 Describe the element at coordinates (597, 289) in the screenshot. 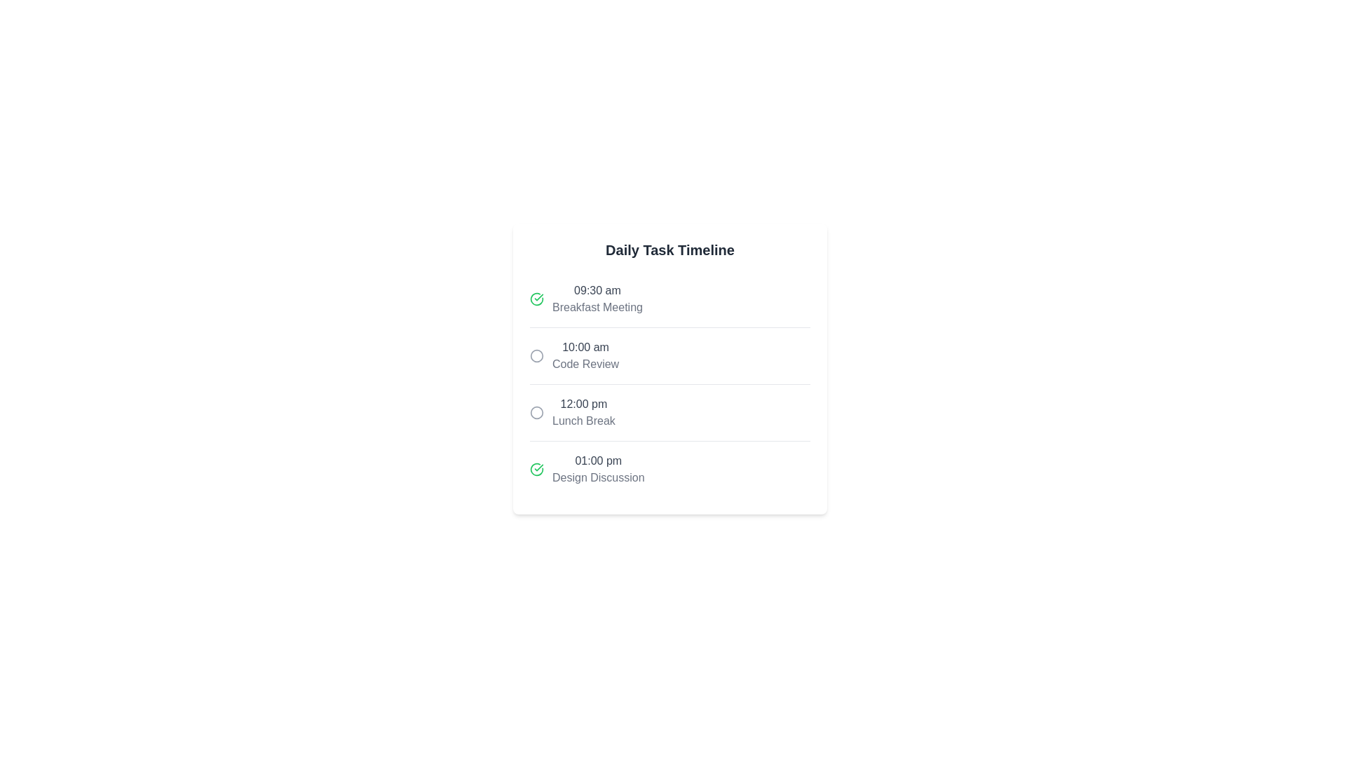

I see `the text label displaying '09:30 am' in a medium-sized gray font, which is positioned above the 'Breakfast Meeting' text in the timeline interface` at that location.